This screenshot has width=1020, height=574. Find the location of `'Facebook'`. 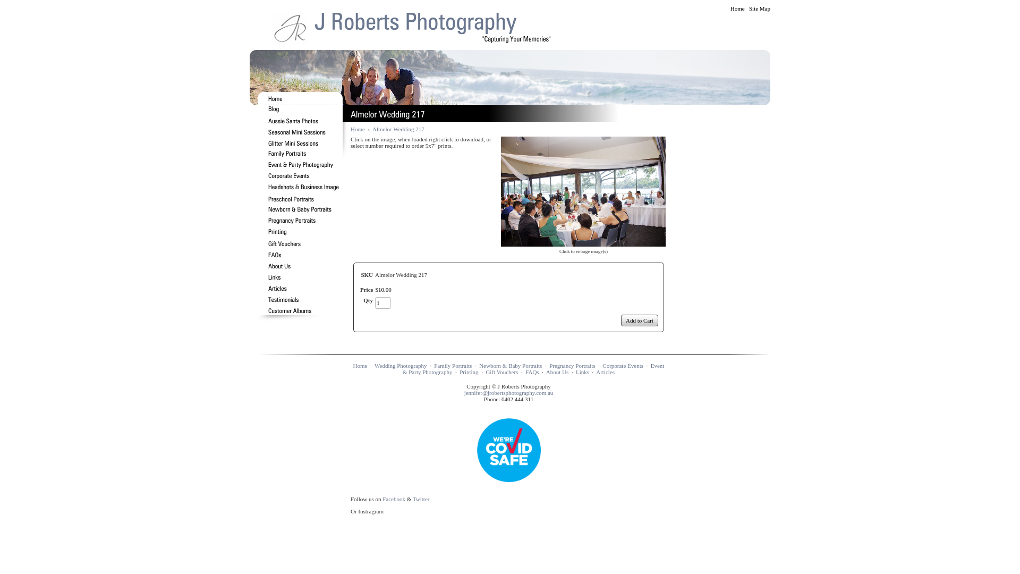

'Facebook' is located at coordinates (393, 499).